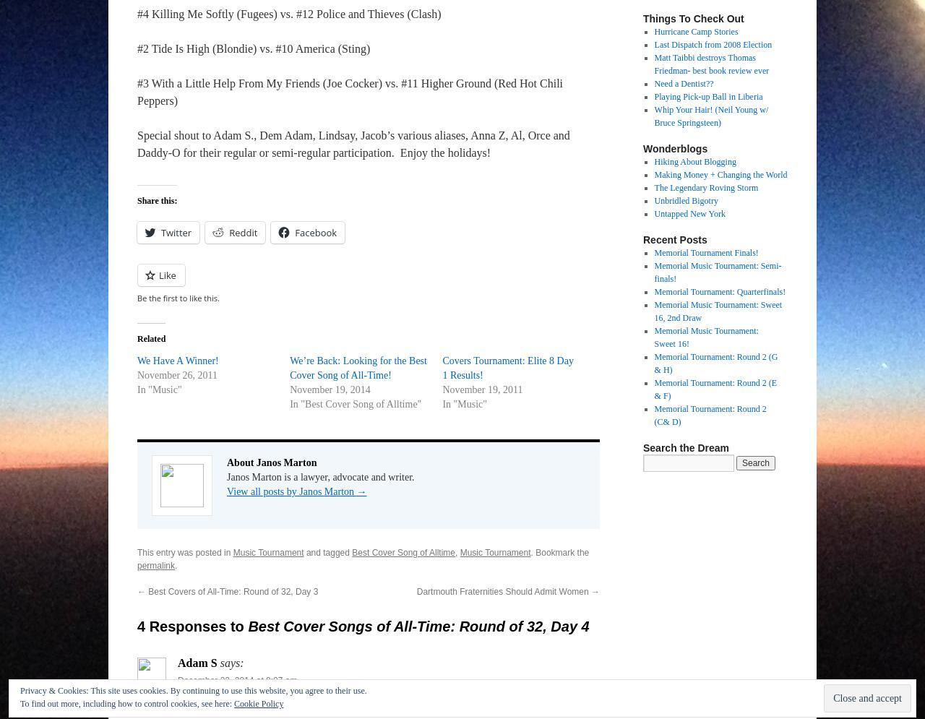 The height and width of the screenshot is (719, 925). Describe the element at coordinates (175, 565) in the screenshot. I see `'.'` at that location.